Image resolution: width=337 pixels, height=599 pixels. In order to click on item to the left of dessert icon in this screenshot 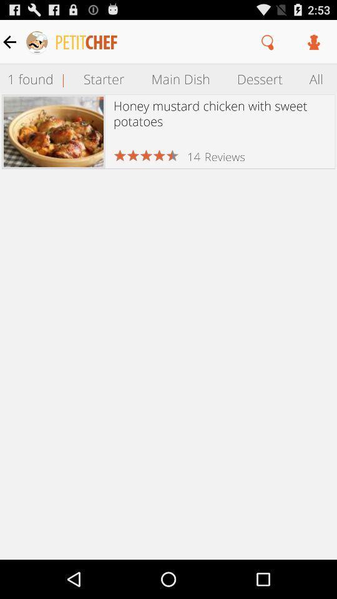, I will do `click(180, 78)`.